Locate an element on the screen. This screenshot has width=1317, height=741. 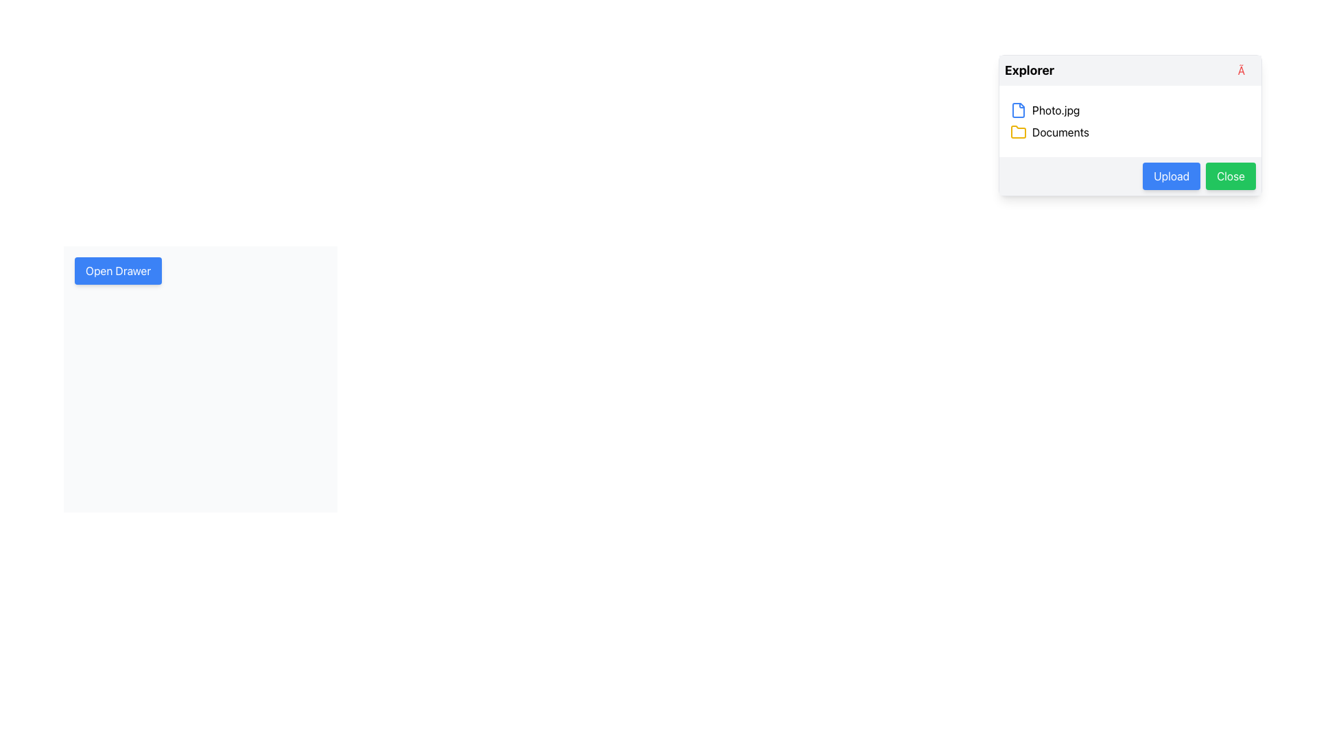
the 'Documents' folder option in the file explorer interface is located at coordinates (1130, 132).